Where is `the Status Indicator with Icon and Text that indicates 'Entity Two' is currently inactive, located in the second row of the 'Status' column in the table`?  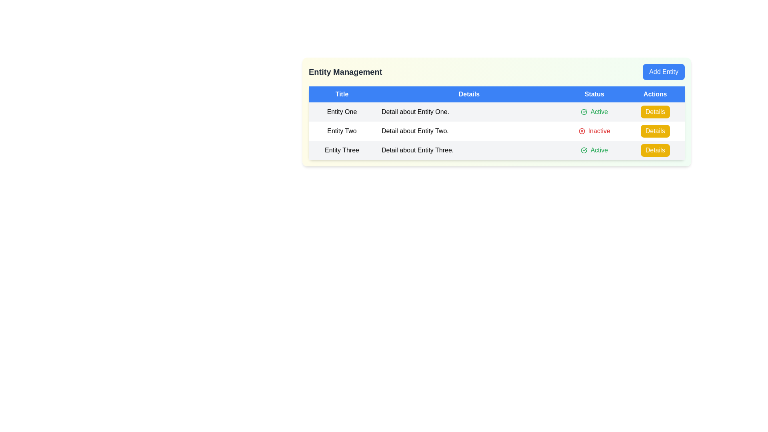 the Status Indicator with Icon and Text that indicates 'Entity Two' is currently inactive, located in the second row of the 'Status' column in the table is located at coordinates (594, 130).